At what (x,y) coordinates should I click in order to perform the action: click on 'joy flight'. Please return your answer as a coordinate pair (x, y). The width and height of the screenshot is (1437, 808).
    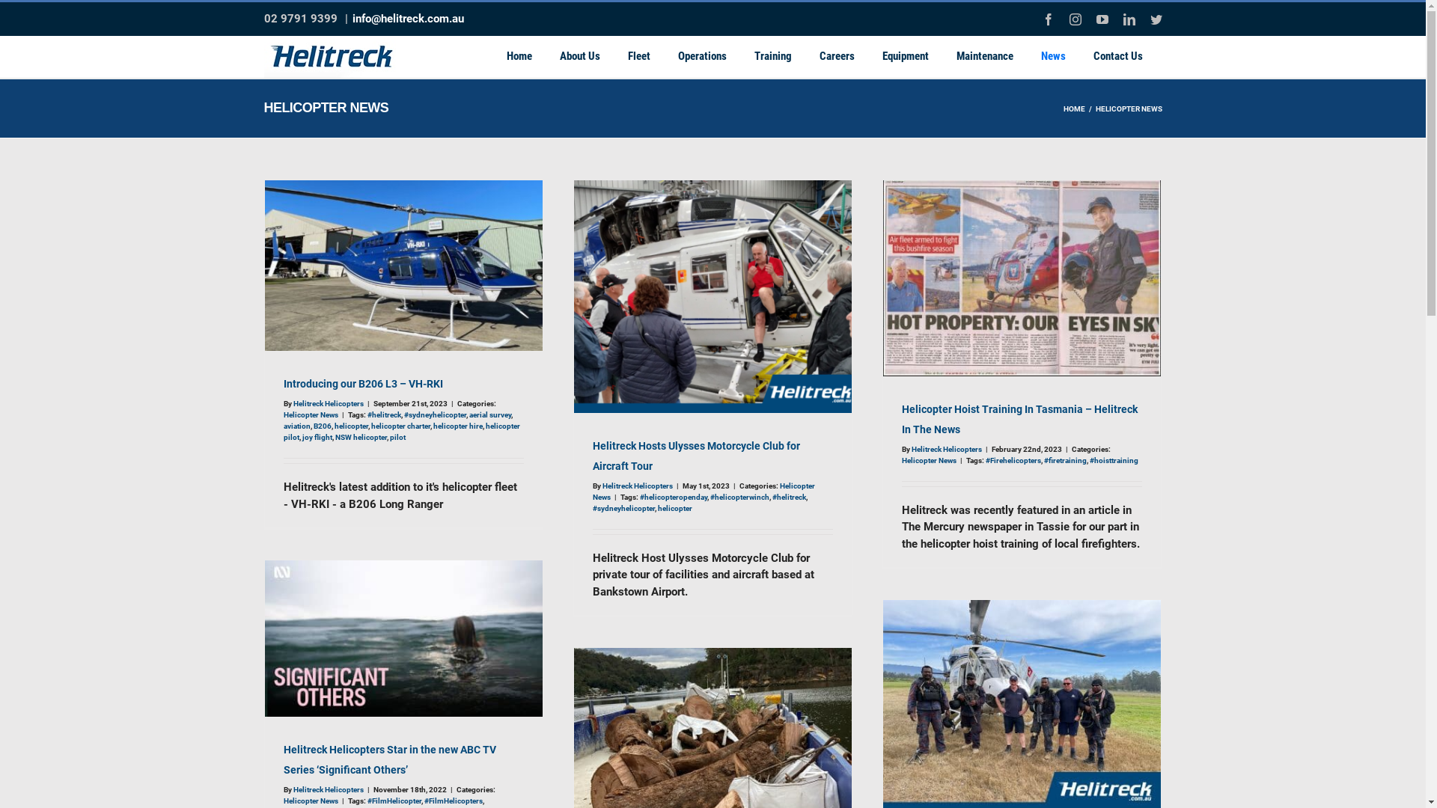
    Looking at the image, I should click on (316, 437).